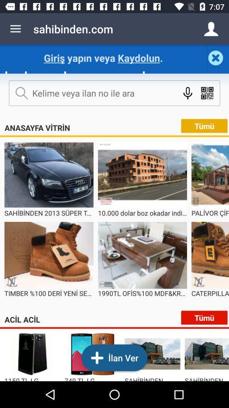 The image size is (229, 408). I want to click on the close icon, so click(218, 57).